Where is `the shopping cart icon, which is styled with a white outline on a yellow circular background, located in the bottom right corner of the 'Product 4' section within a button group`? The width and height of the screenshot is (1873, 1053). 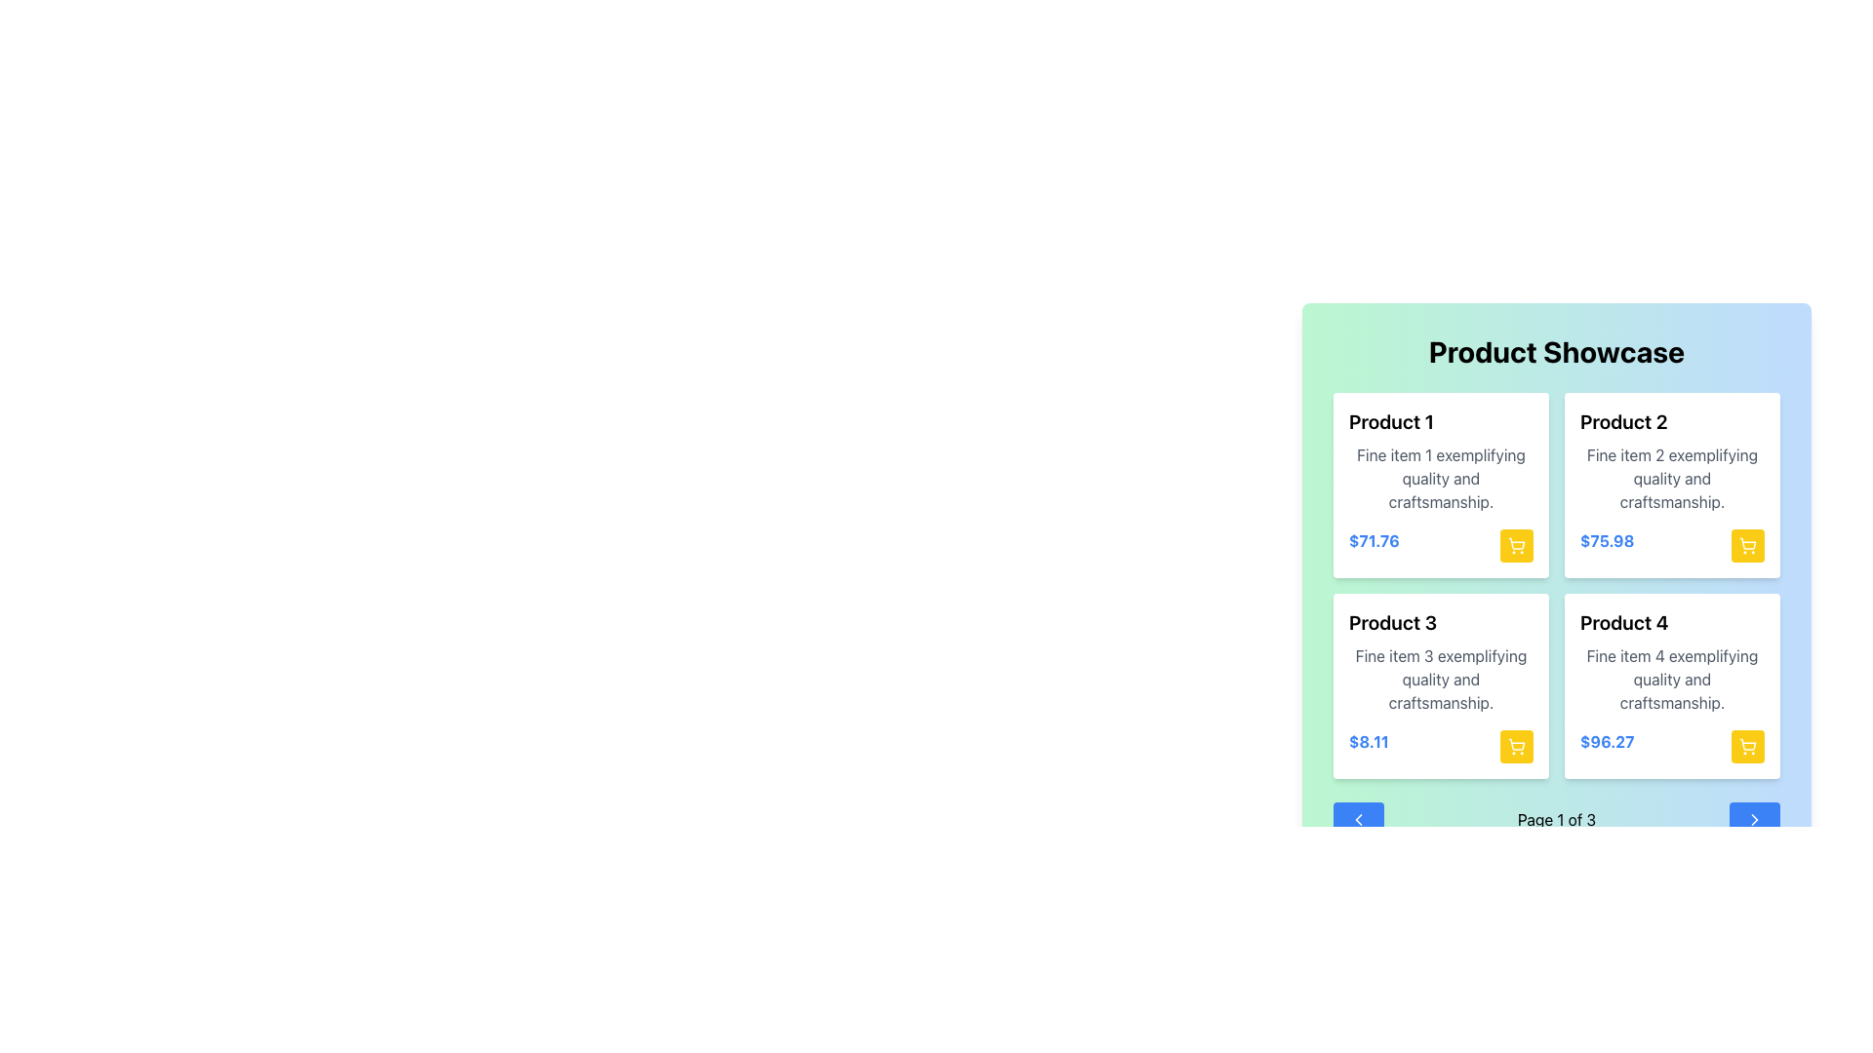
the shopping cart icon, which is styled with a white outline on a yellow circular background, located in the bottom right corner of the 'Product 4' section within a button group is located at coordinates (1747, 746).